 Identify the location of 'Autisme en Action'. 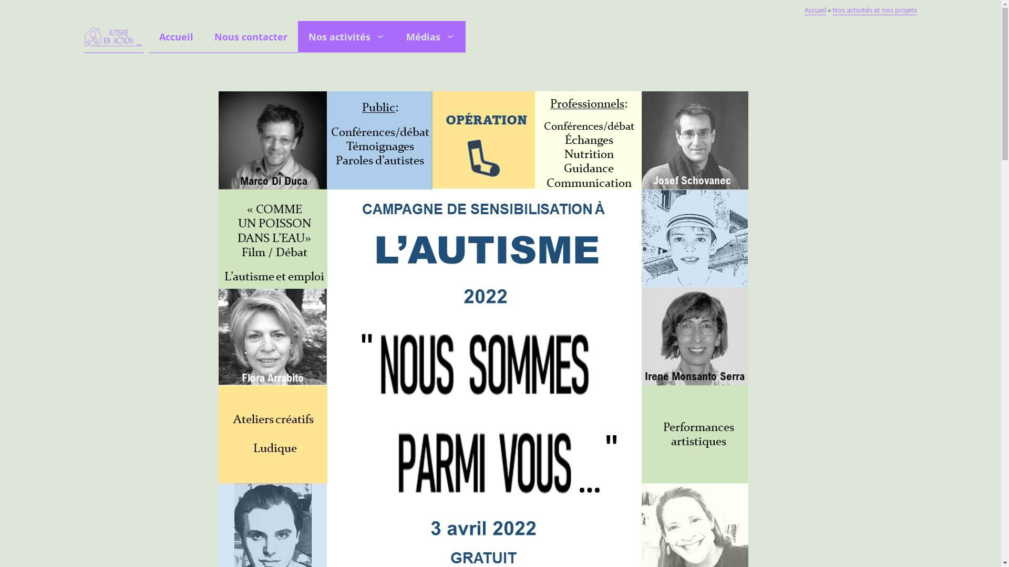
(83, 36).